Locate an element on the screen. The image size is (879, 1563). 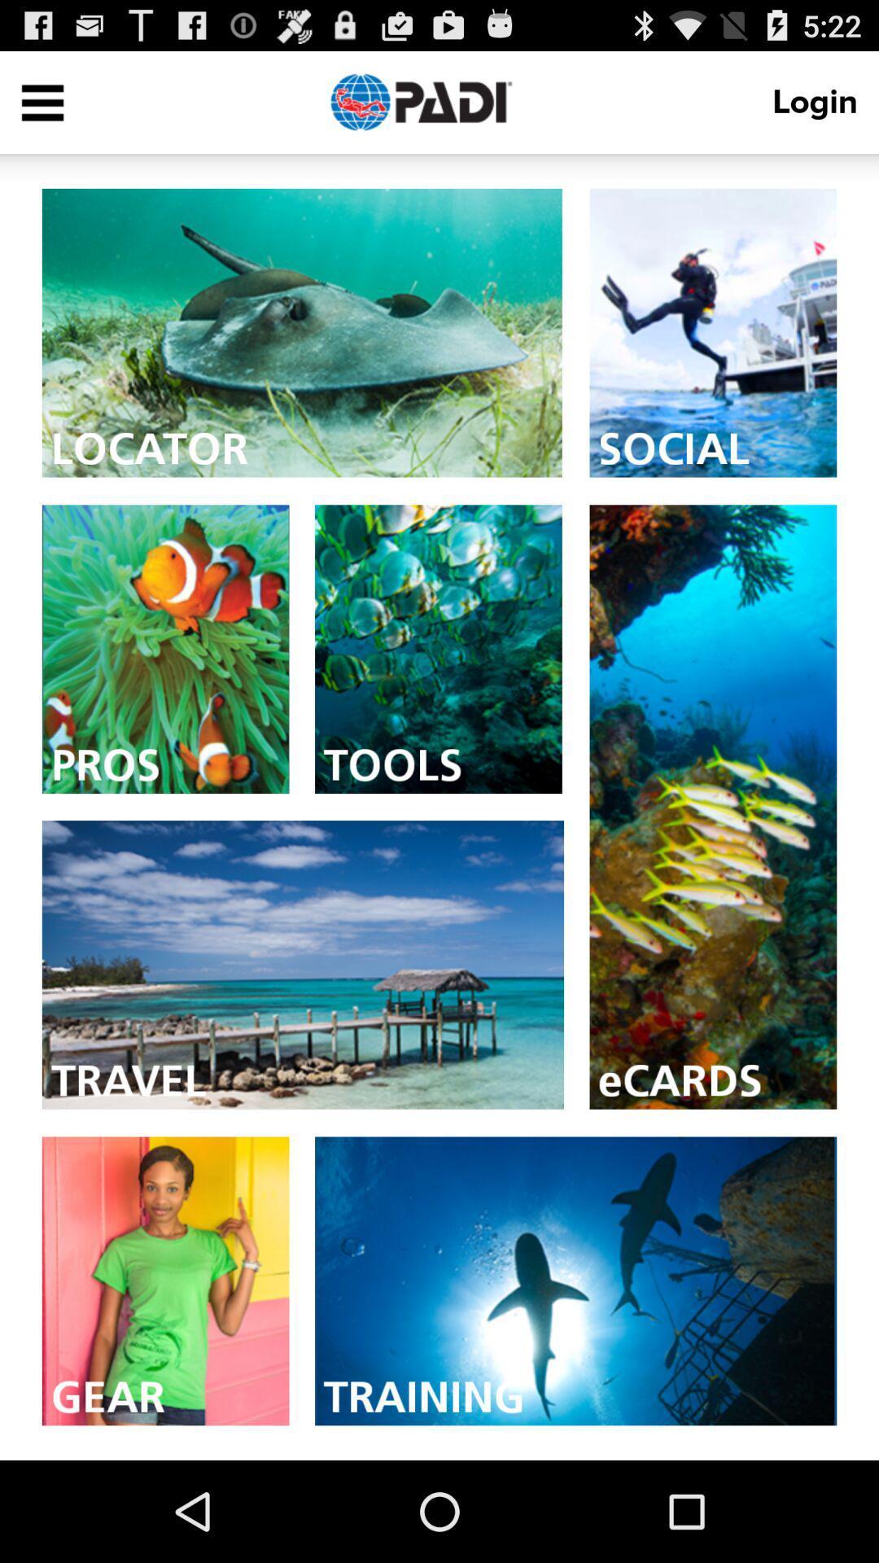
gear is located at coordinates (165, 1280).